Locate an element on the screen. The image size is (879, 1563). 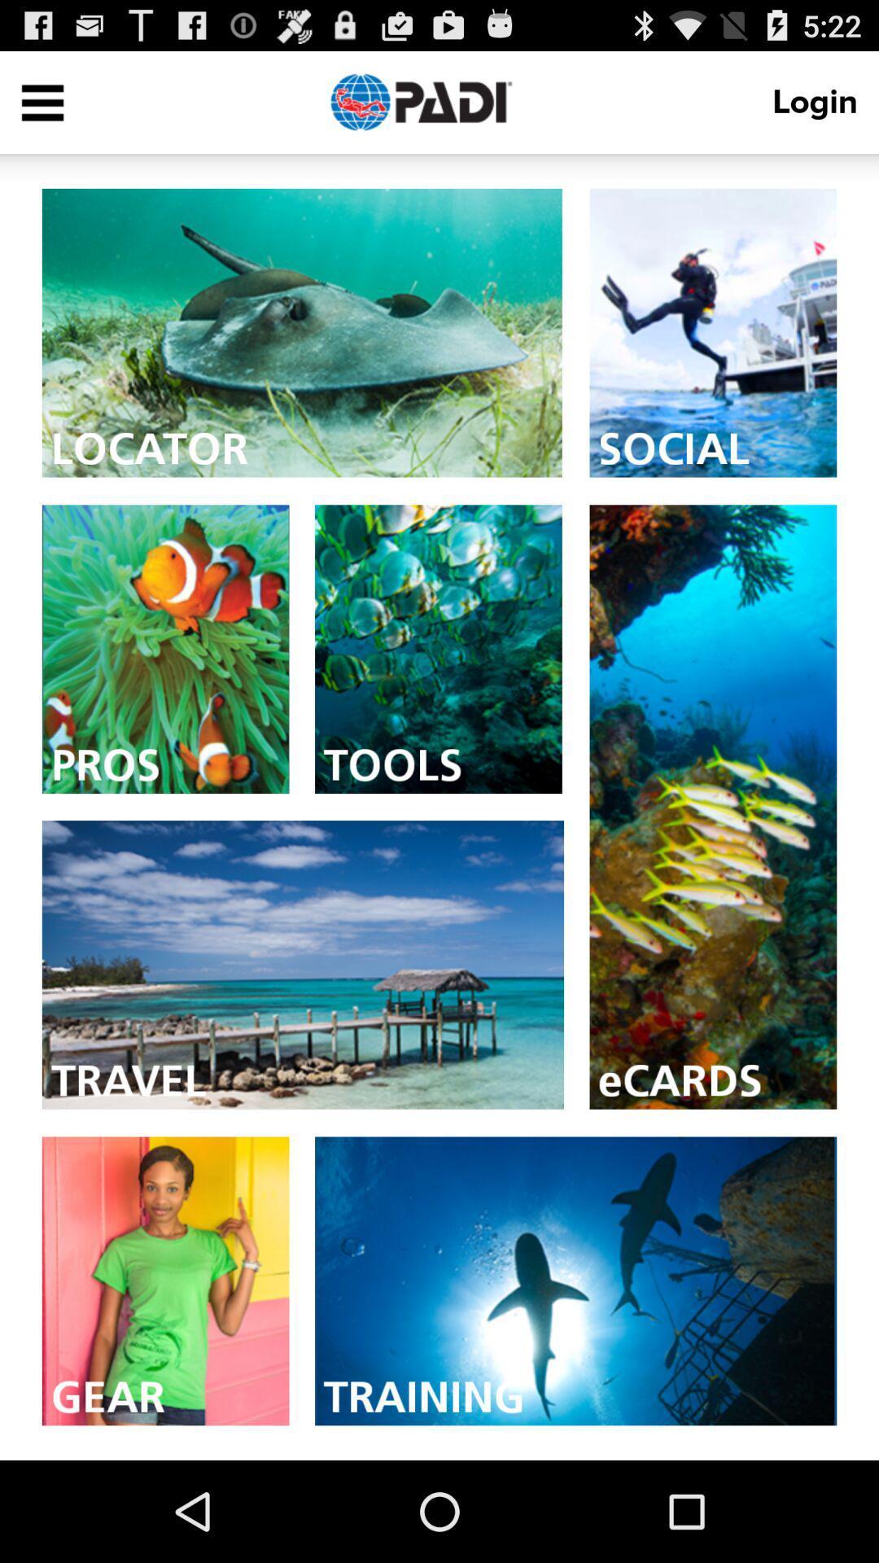
gear is located at coordinates (165, 1280).